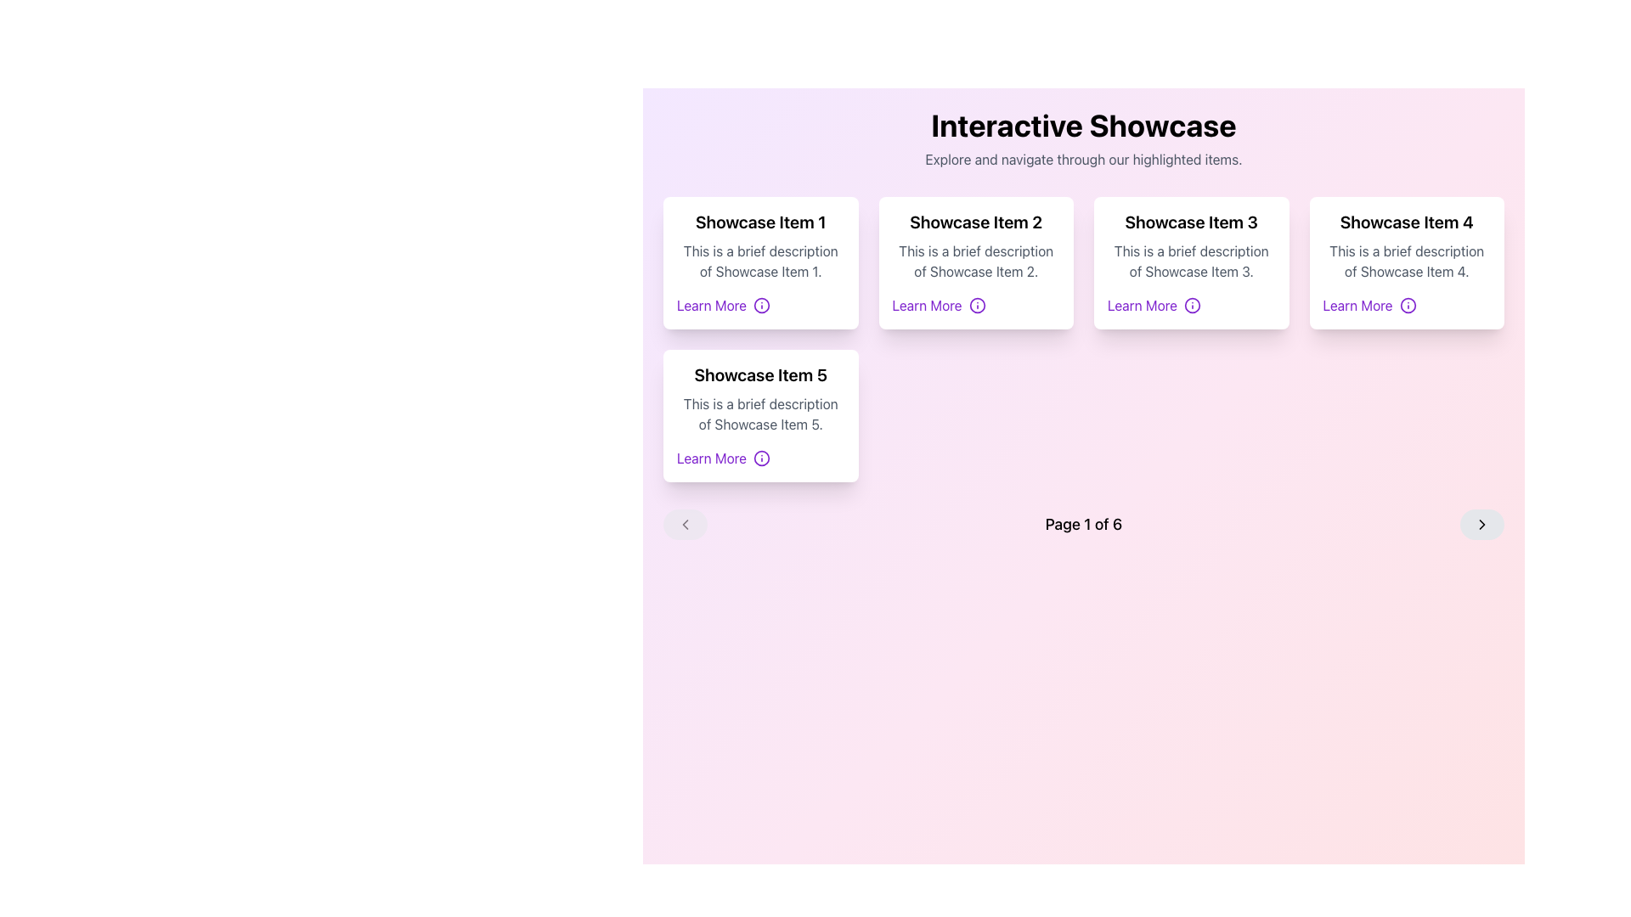  Describe the element at coordinates (1408, 304) in the screenshot. I see `the information icon (SVG) which is part of the 'Learn More' hyperlink in the description card for 'Showcase Item 4', located in the fourth column of the first row of the grid` at that location.